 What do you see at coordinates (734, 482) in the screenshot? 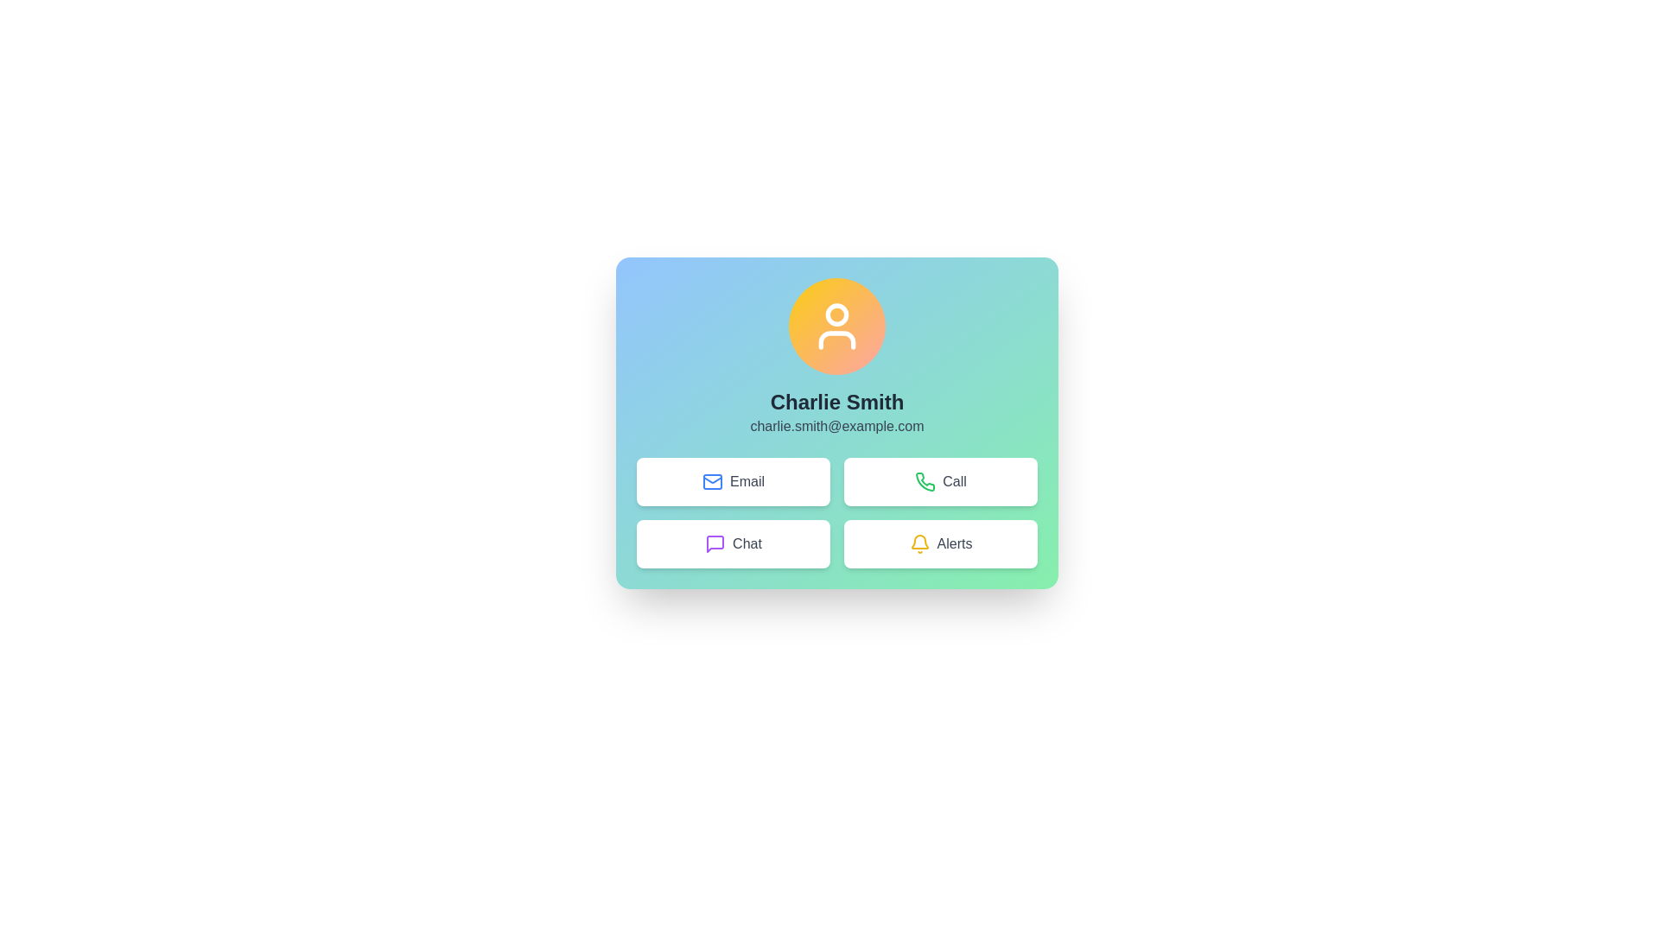
I see `the 'Email' button located at the top-left of the button grid` at bounding box center [734, 482].